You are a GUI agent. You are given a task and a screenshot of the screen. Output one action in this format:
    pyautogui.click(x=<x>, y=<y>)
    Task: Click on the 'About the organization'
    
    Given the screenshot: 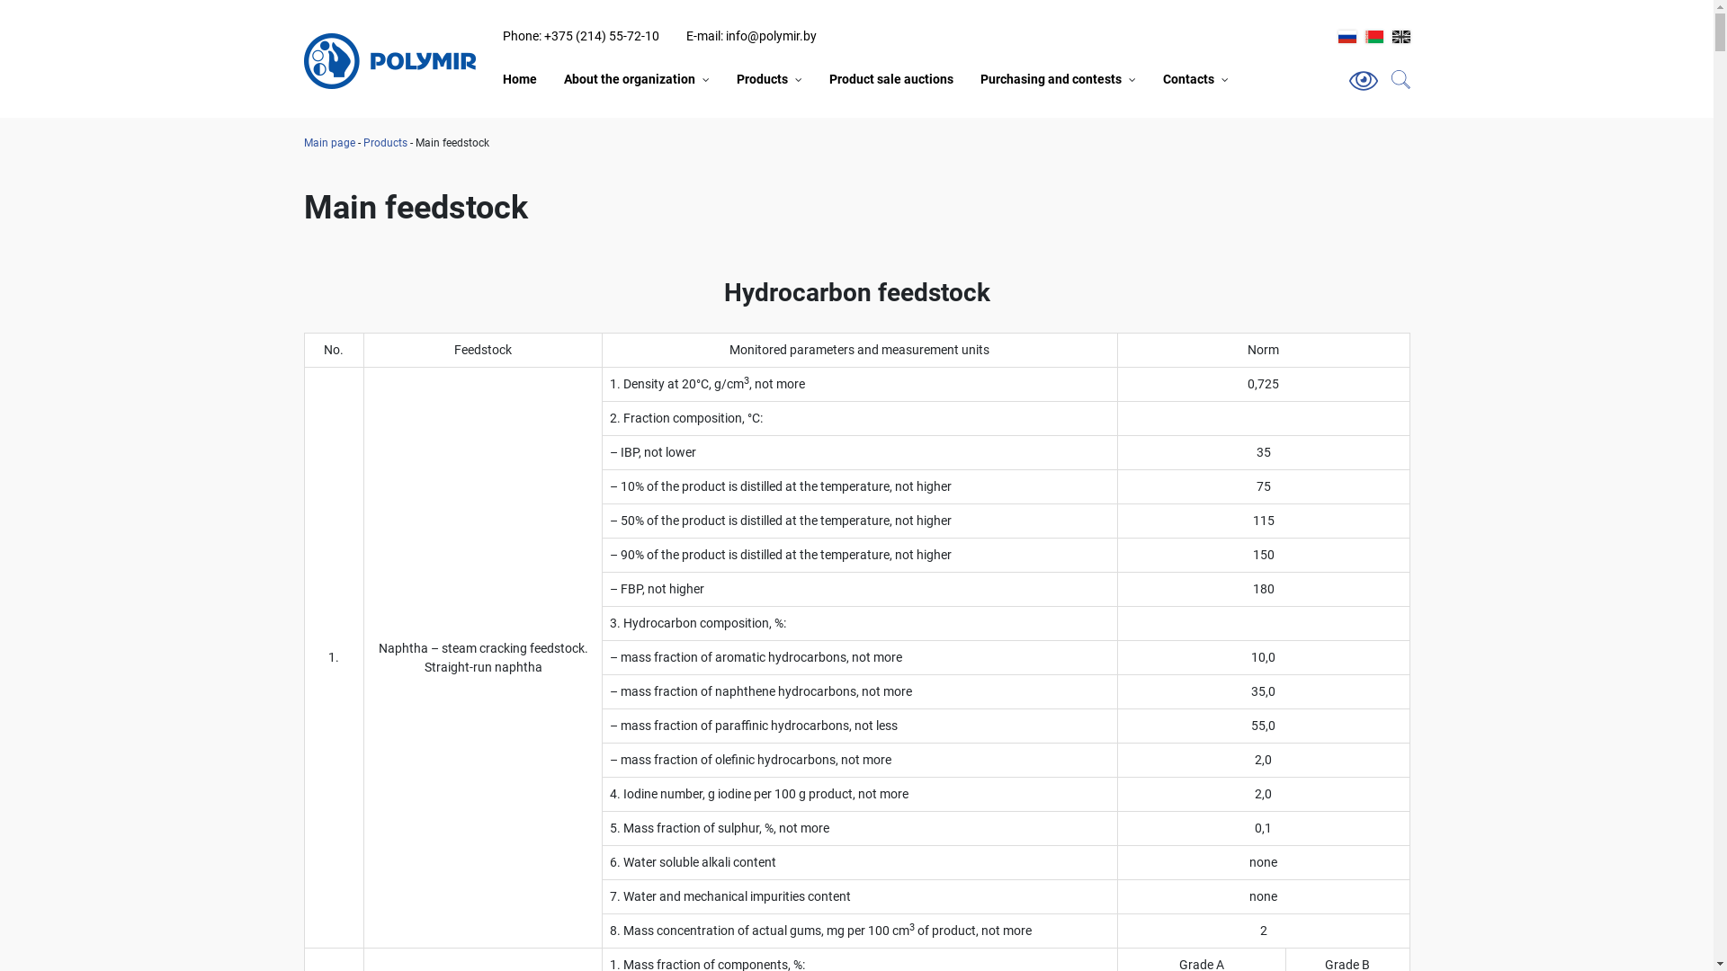 What is the action you would take?
    pyautogui.click(x=629, y=78)
    